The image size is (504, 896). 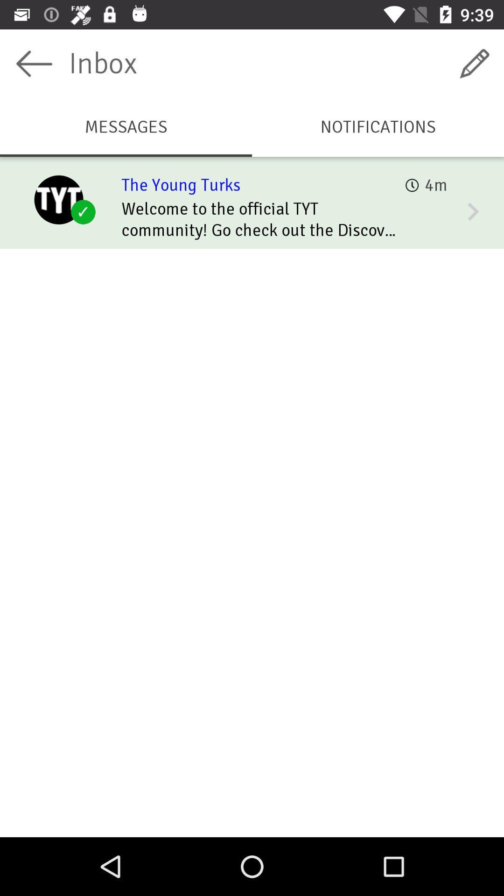 What do you see at coordinates (34, 63) in the screenshot?
I see `this button is to return to the previous page` at bounding box center [34, 63].